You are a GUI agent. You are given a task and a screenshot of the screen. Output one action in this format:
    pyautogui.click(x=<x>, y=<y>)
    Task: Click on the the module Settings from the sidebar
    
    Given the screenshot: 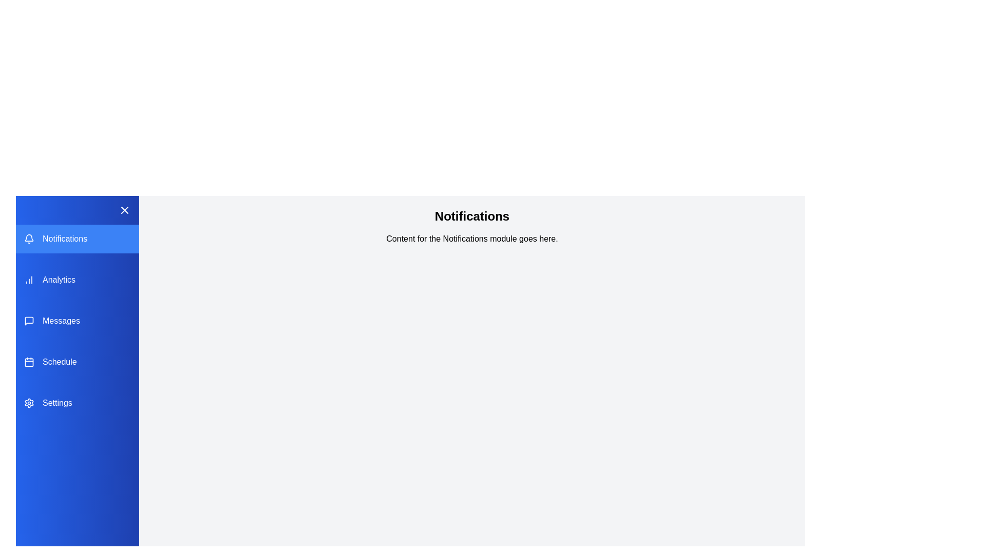 What is the action you would take?
    pyautogui.click(x=77, y=403)
    